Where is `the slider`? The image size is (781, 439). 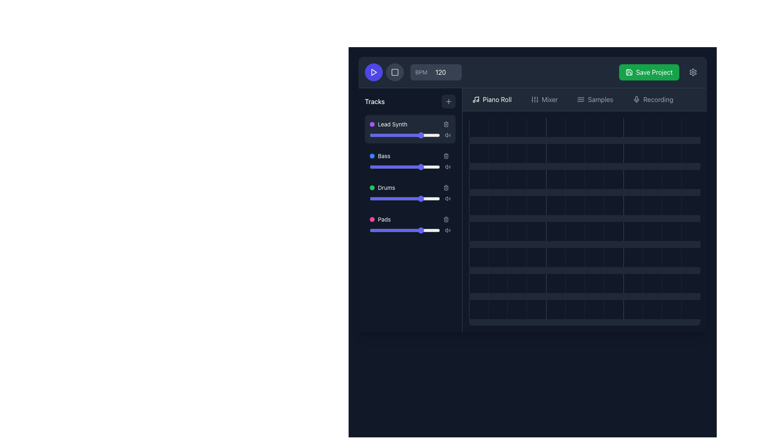
the slider is located at coordinates (385, 199).